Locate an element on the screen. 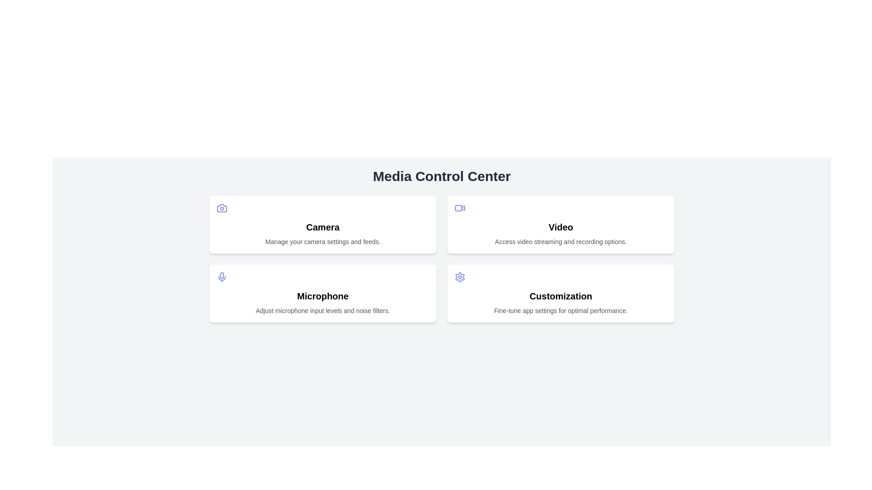  heading or title text of the fourth card in the 2x2 grid beneath the 'Media Control Center' heading is located at coordinates (560, 296).